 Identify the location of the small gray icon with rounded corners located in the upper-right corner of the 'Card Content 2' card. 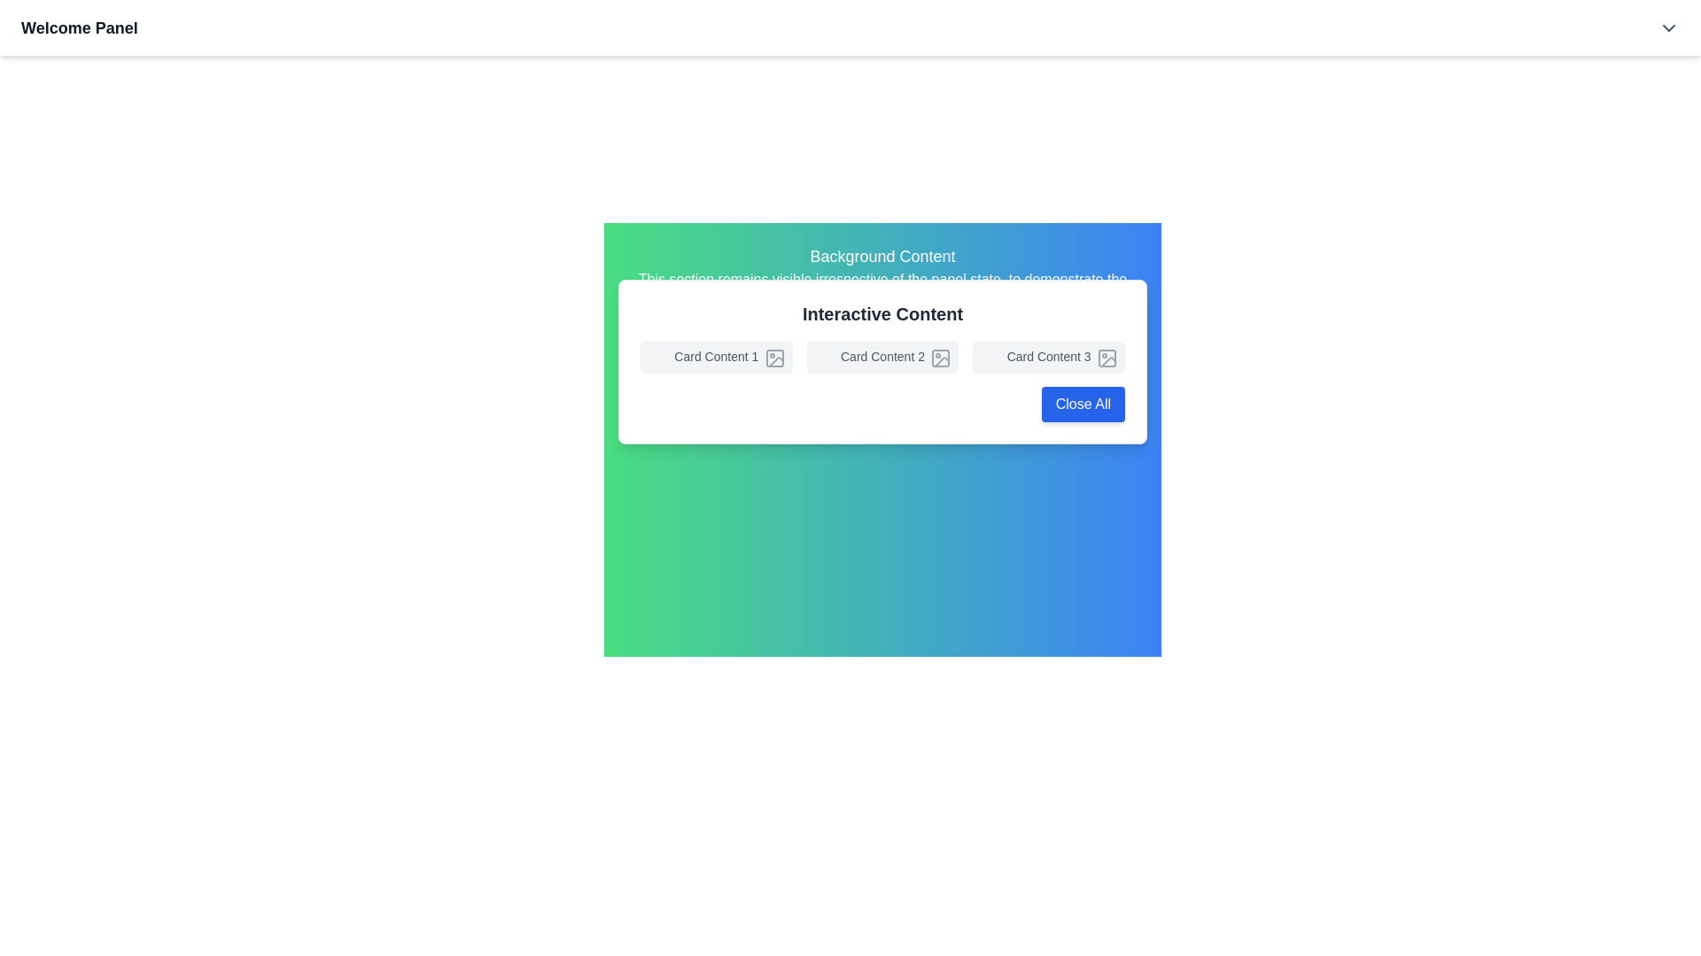
(940, 358).